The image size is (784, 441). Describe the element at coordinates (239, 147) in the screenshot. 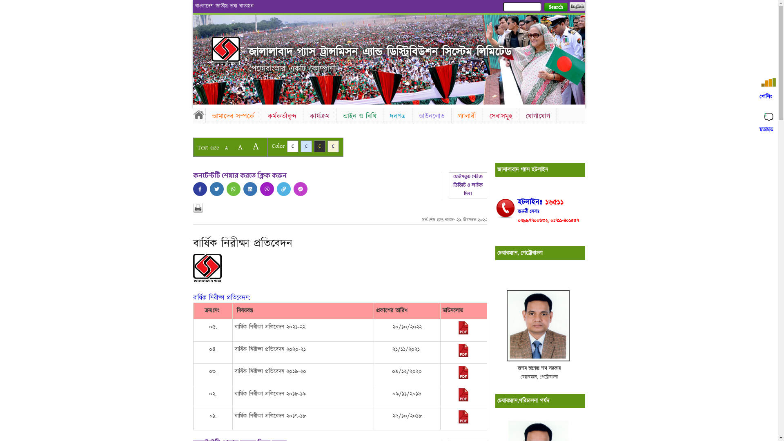

I see `'A'` at that location.